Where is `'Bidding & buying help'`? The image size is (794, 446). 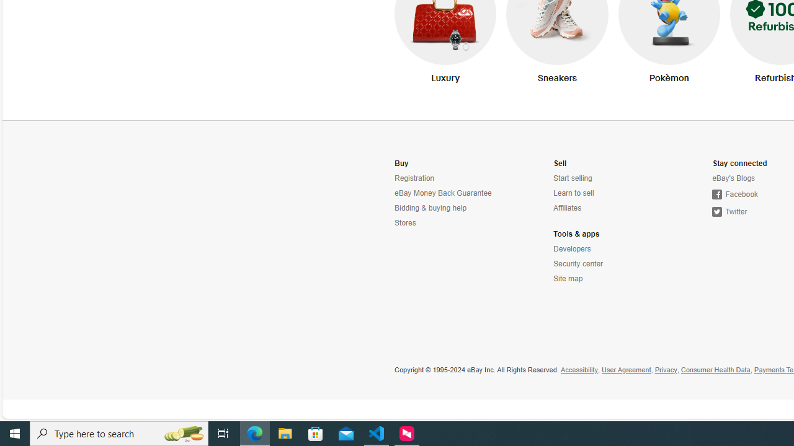
'Bidding & buying help' is located at coordinates (430, 208).